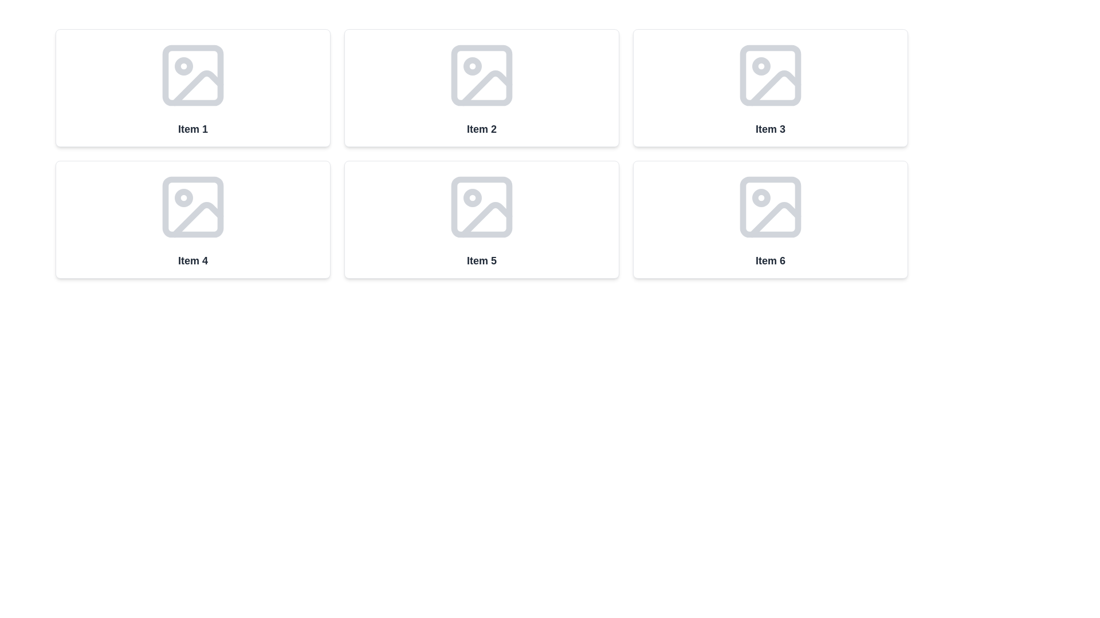 Image resolution: width=1100 pixels, height=618 pixels. I want to click on the image icon at the top-center of the 'Item 1' card, so click(192, 75).